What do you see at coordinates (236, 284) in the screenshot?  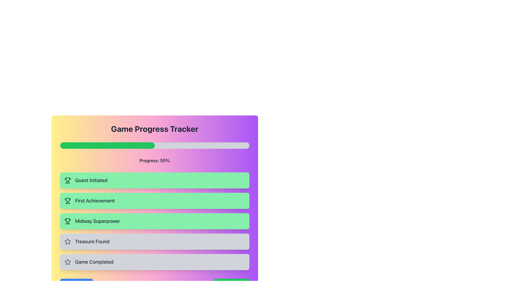 I see `the 'Advance' text label within the green button for accessibility purposes` at bounding box center [236, 284].